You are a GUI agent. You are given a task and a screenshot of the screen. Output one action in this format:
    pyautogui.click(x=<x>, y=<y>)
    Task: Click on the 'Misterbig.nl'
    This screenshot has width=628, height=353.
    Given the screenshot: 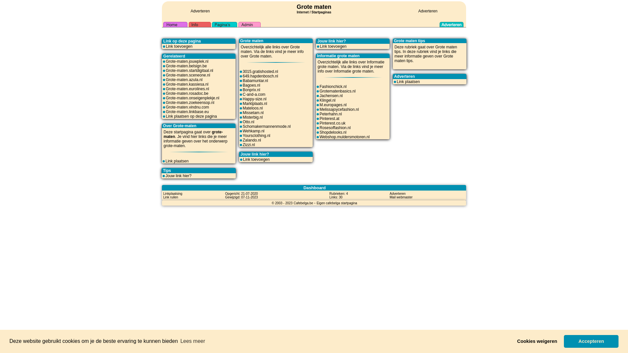 What is the action you would take?
    pyautogui.click(x=252, y=117)
    